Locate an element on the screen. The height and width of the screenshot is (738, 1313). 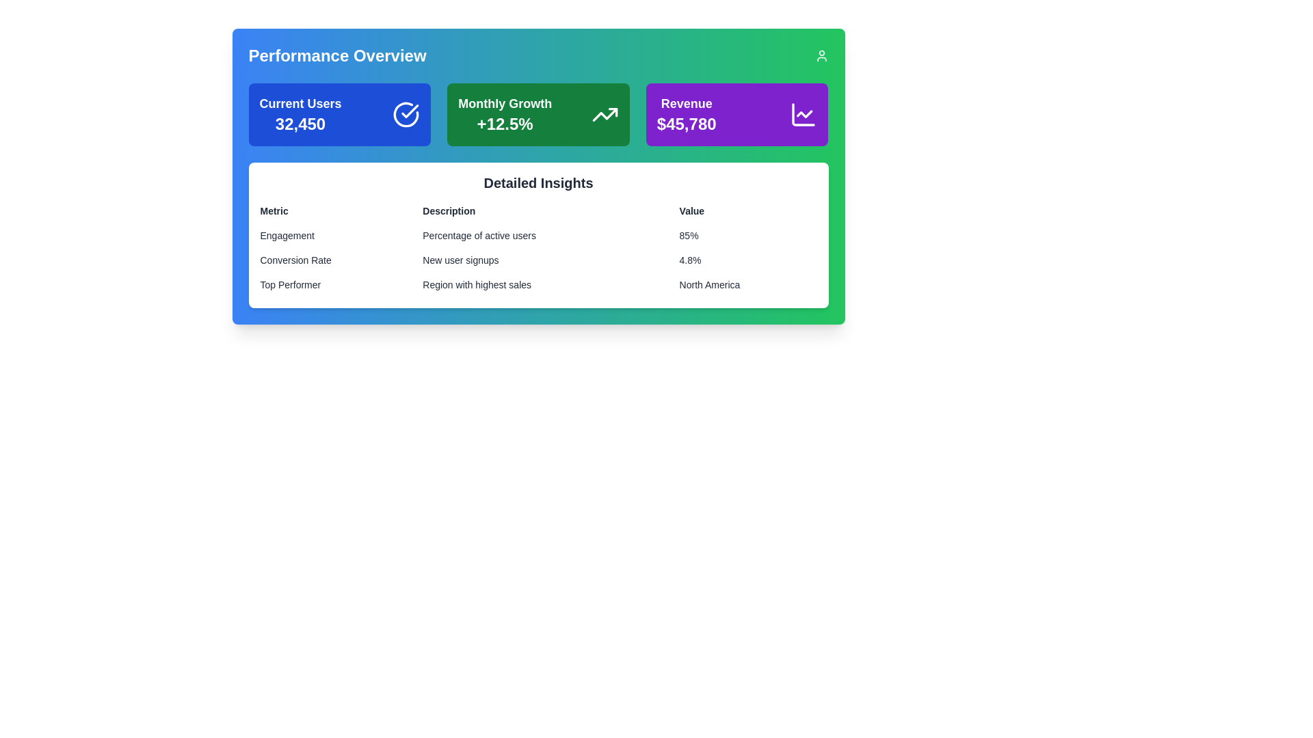
the table row displaying 'Conversion Rate' for 'New user signups' with a value of '4.8%', located as the second row under 'Detailed Insights' is located at coordinates (538, 260).